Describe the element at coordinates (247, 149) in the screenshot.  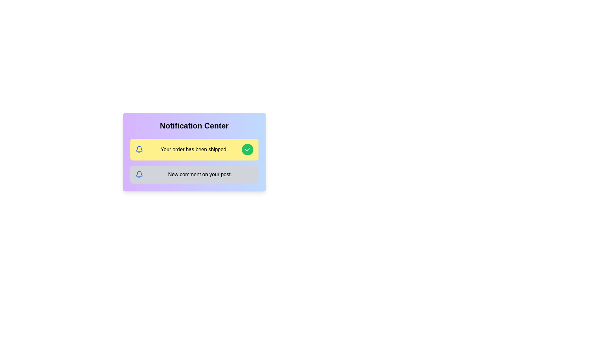
I see `the circular confirmation button located at the far right of the notification card that acknowledges the message 'Your order has been shipped'` at that location.